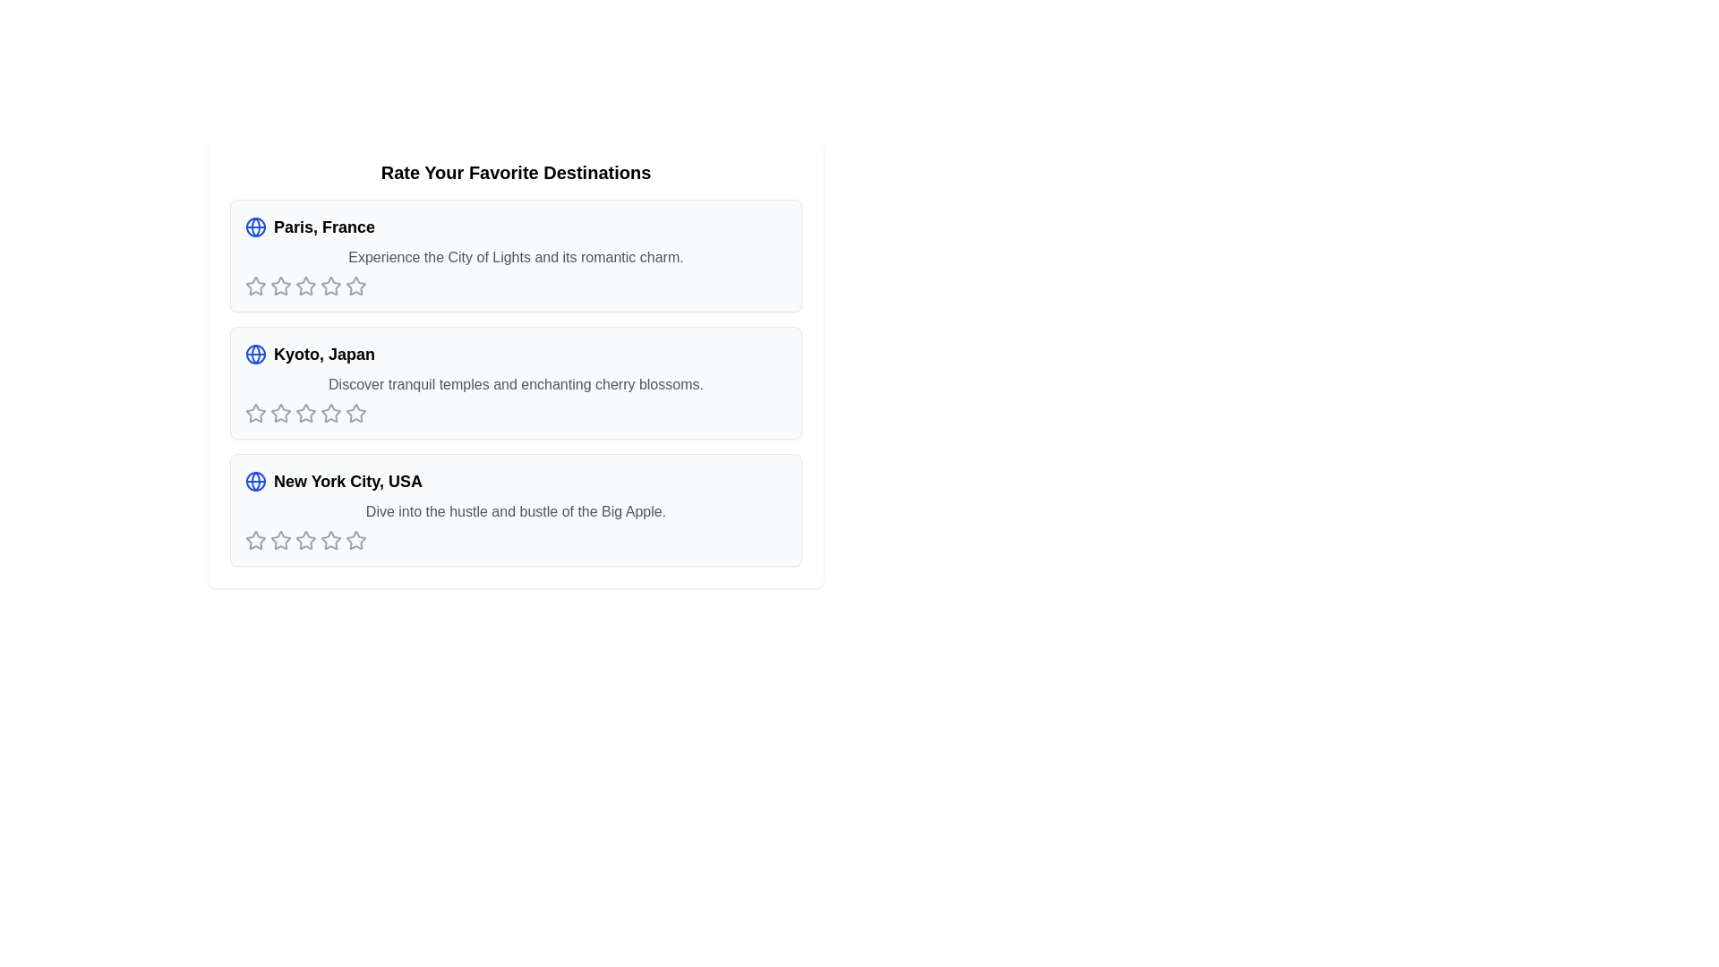 Image resolution: width=1719 pixels, height=967 pixels. What do you see at coordinates (330, 413) in the screenshot?
I see `the second star IconButton under the 'Kyoto, Japan' section of the rating system for keyboard interaction` at bounding box center [330, 413].